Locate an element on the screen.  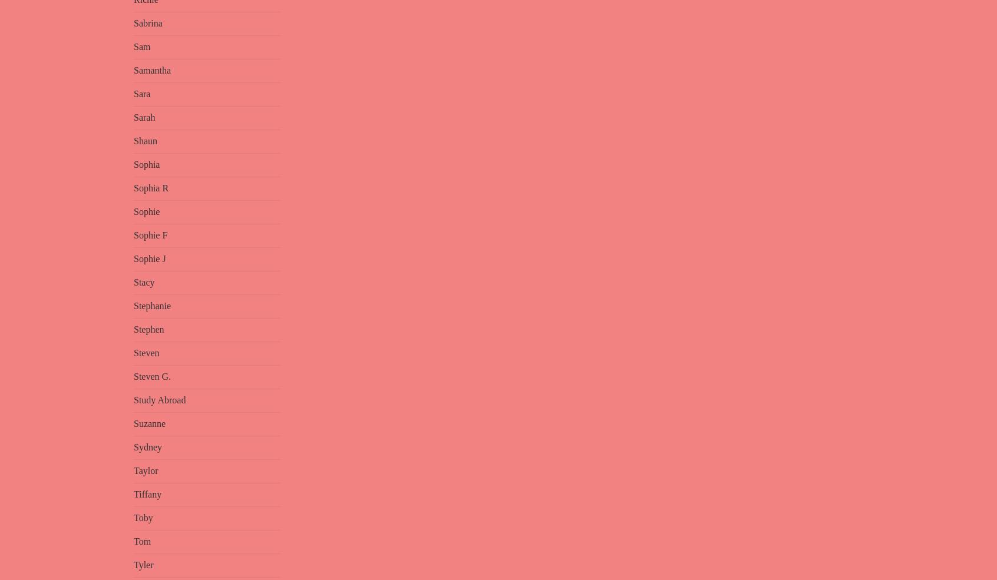
'Tiffany' is located at coordinates (134, 493).